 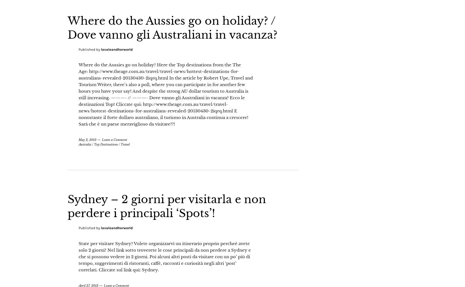 I want to click on 'Sydney – 2 giorni per visitarla e non perdere i principali ‘Spots’!', so click(x=174, y=219).